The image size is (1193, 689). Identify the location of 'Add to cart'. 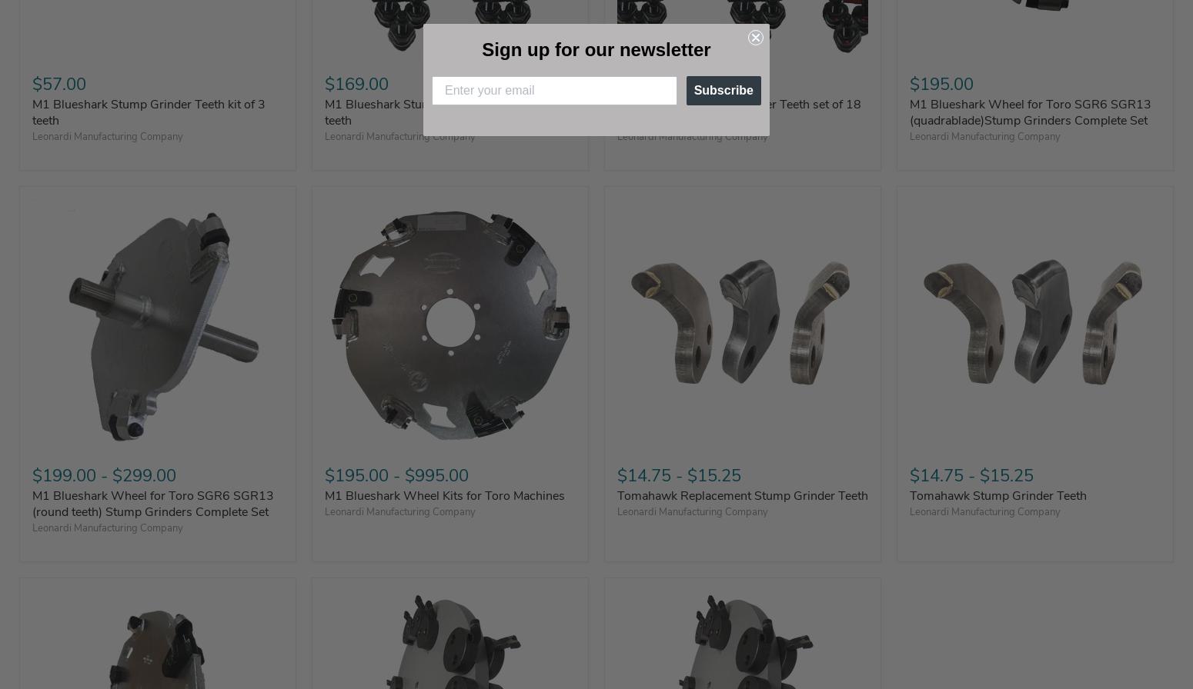
(1098, 142).